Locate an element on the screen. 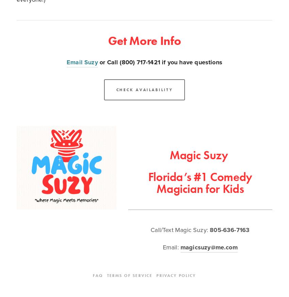 The width and height of the screenshot is (289, 297). 'Terms Of Service' is located at coordinates (129, 275).